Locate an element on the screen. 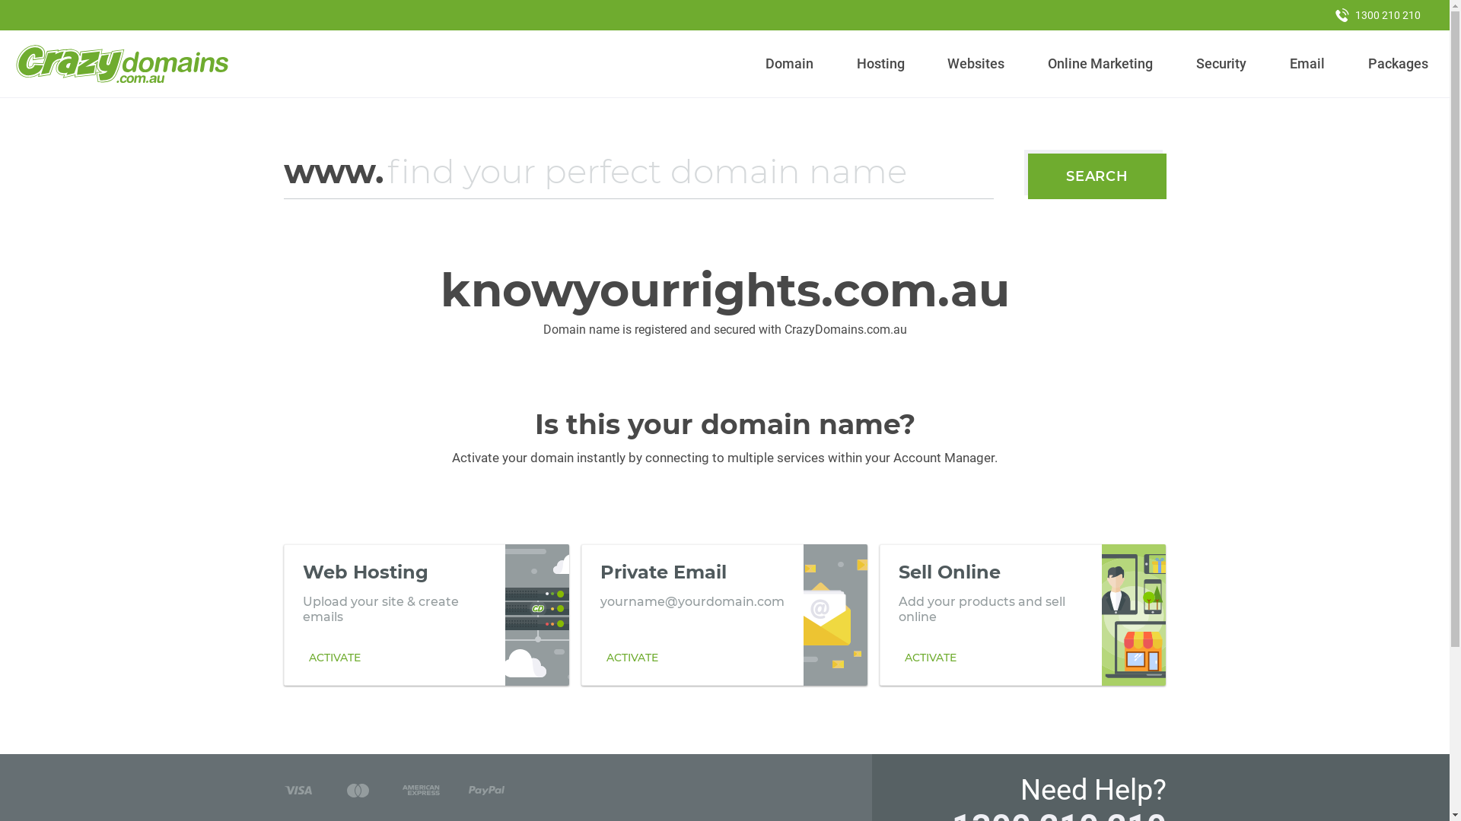  'Online Marketing' is located at coordinates (1100, 63).